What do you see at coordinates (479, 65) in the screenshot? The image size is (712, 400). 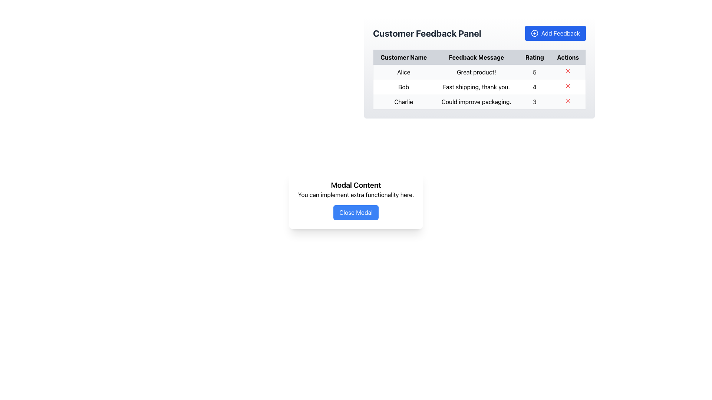 I see `the feedback overview panel table to access specific feedback entries` at bounding box center [479, 65].